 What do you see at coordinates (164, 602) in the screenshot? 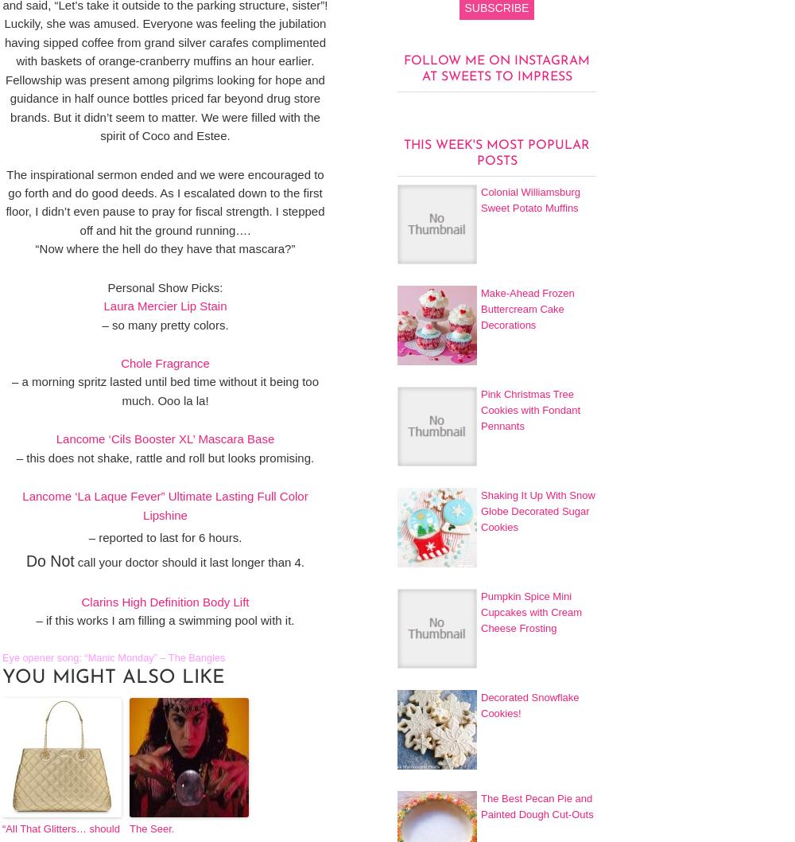
I see `'Clarins High Definition Body Lift'` at bounding box center [164, 602].